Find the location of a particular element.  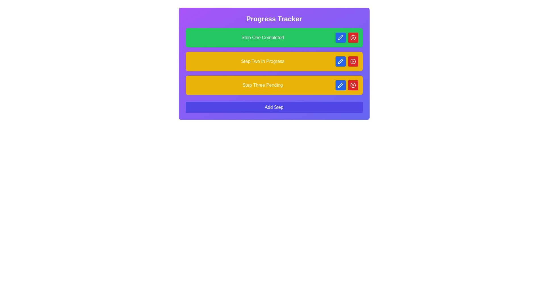

the circular red icon with a white border and an 'X' shape is located at coordinates (353, 61).